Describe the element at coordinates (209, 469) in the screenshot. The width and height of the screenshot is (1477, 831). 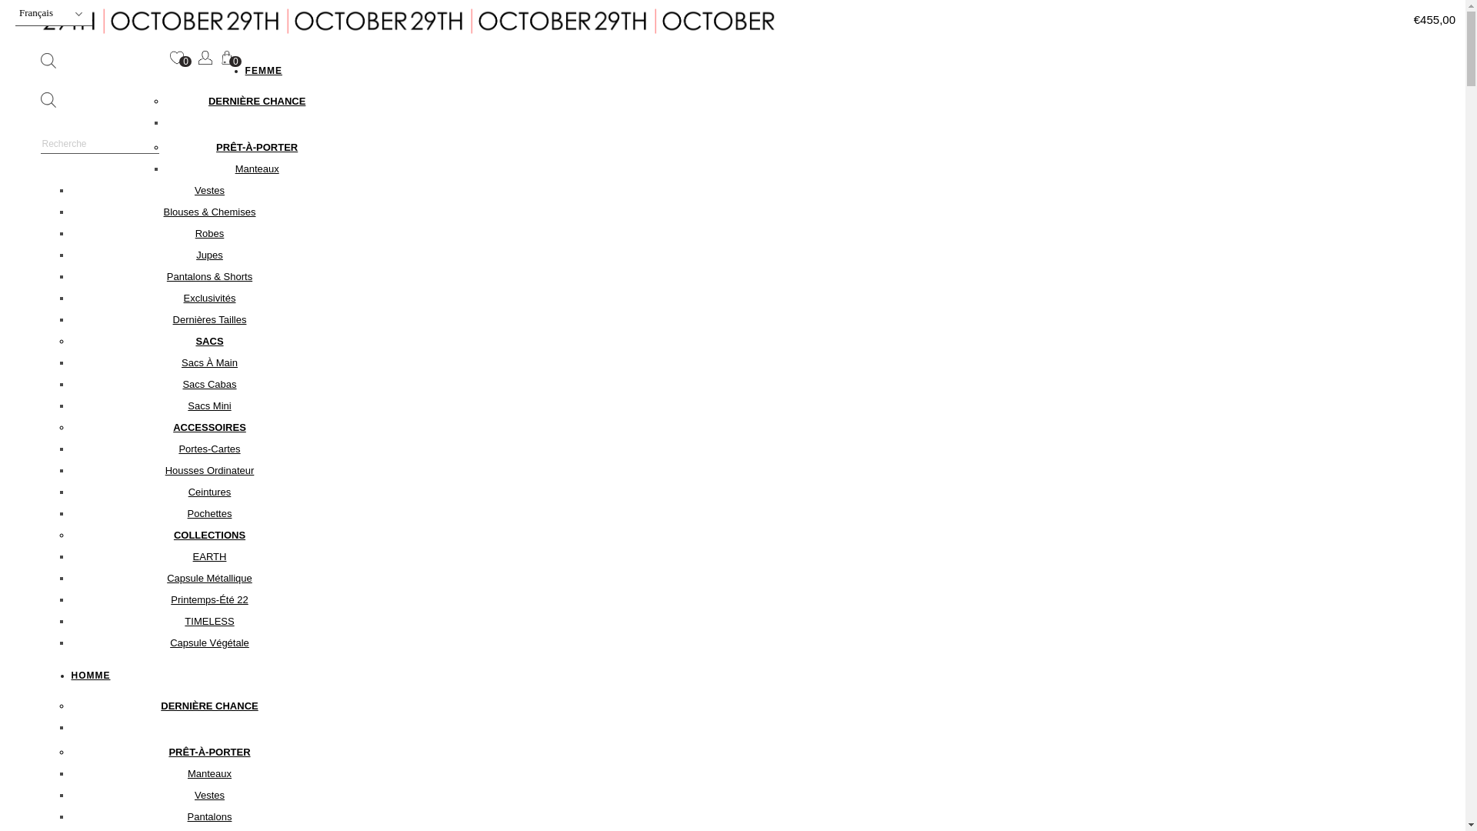
I see `'Housses Ordinateur'` at that location.